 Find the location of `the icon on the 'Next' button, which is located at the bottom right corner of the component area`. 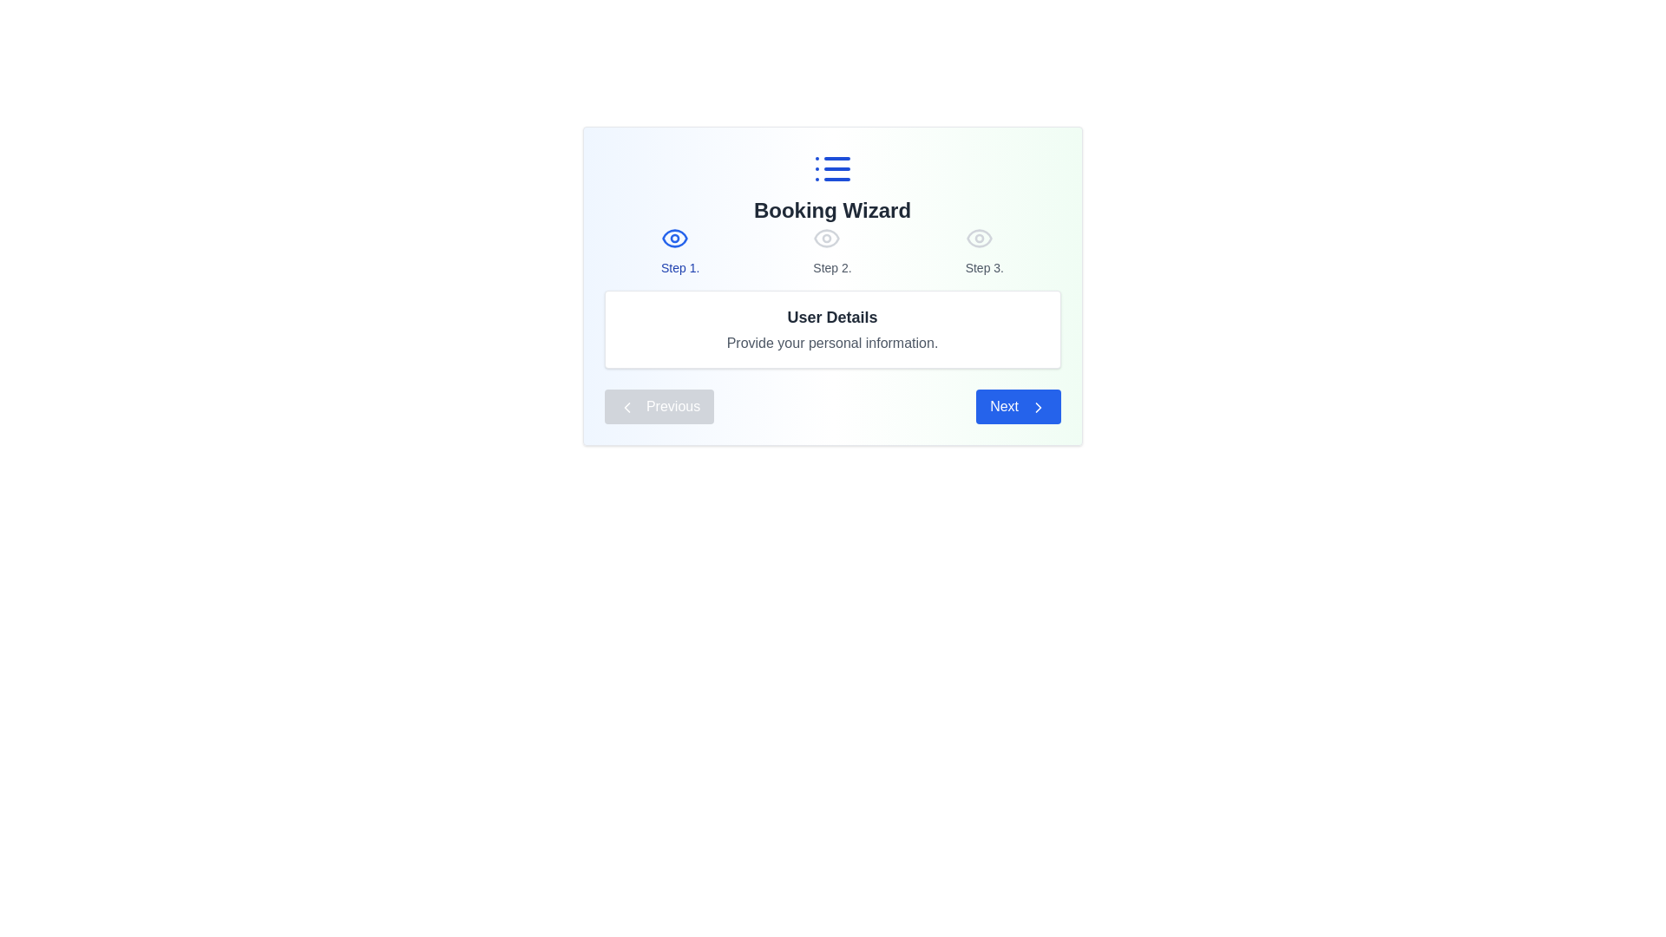

the icon on the 'Next' button, which is located at the bottom right corner of the component area is located at coordinates (1038, 407).